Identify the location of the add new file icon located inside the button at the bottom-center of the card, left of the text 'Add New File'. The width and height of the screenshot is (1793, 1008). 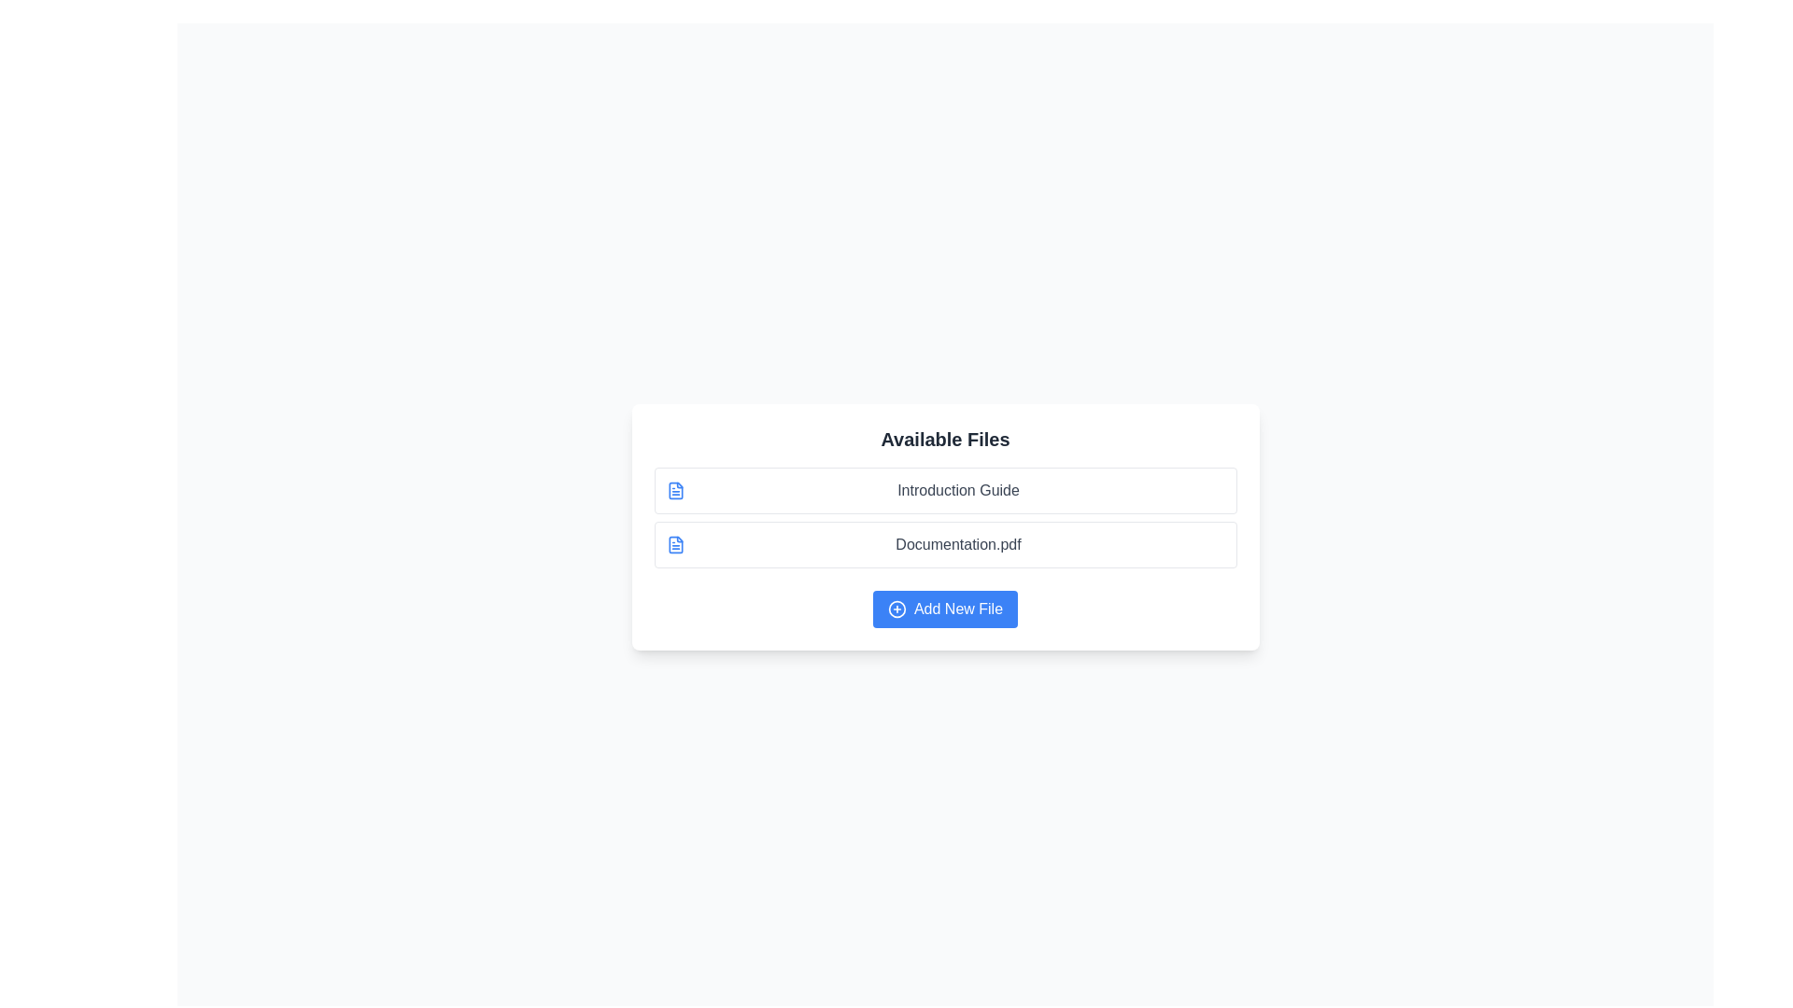
(896, 609).